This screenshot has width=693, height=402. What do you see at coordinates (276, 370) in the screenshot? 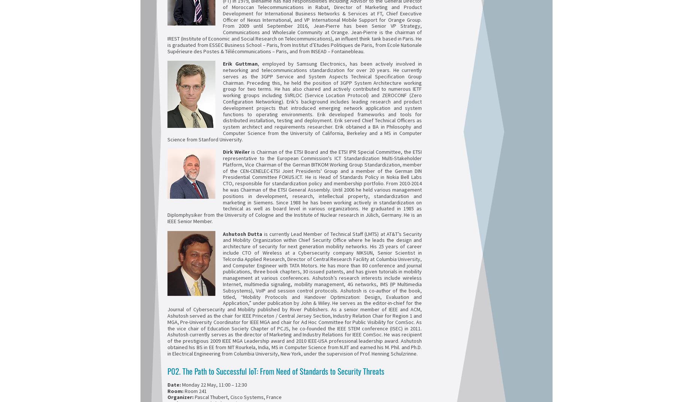
I see `'P02. The Path to Successful IoT: From Need of Standards to Security Threats'` at bounding box center [276, 370].